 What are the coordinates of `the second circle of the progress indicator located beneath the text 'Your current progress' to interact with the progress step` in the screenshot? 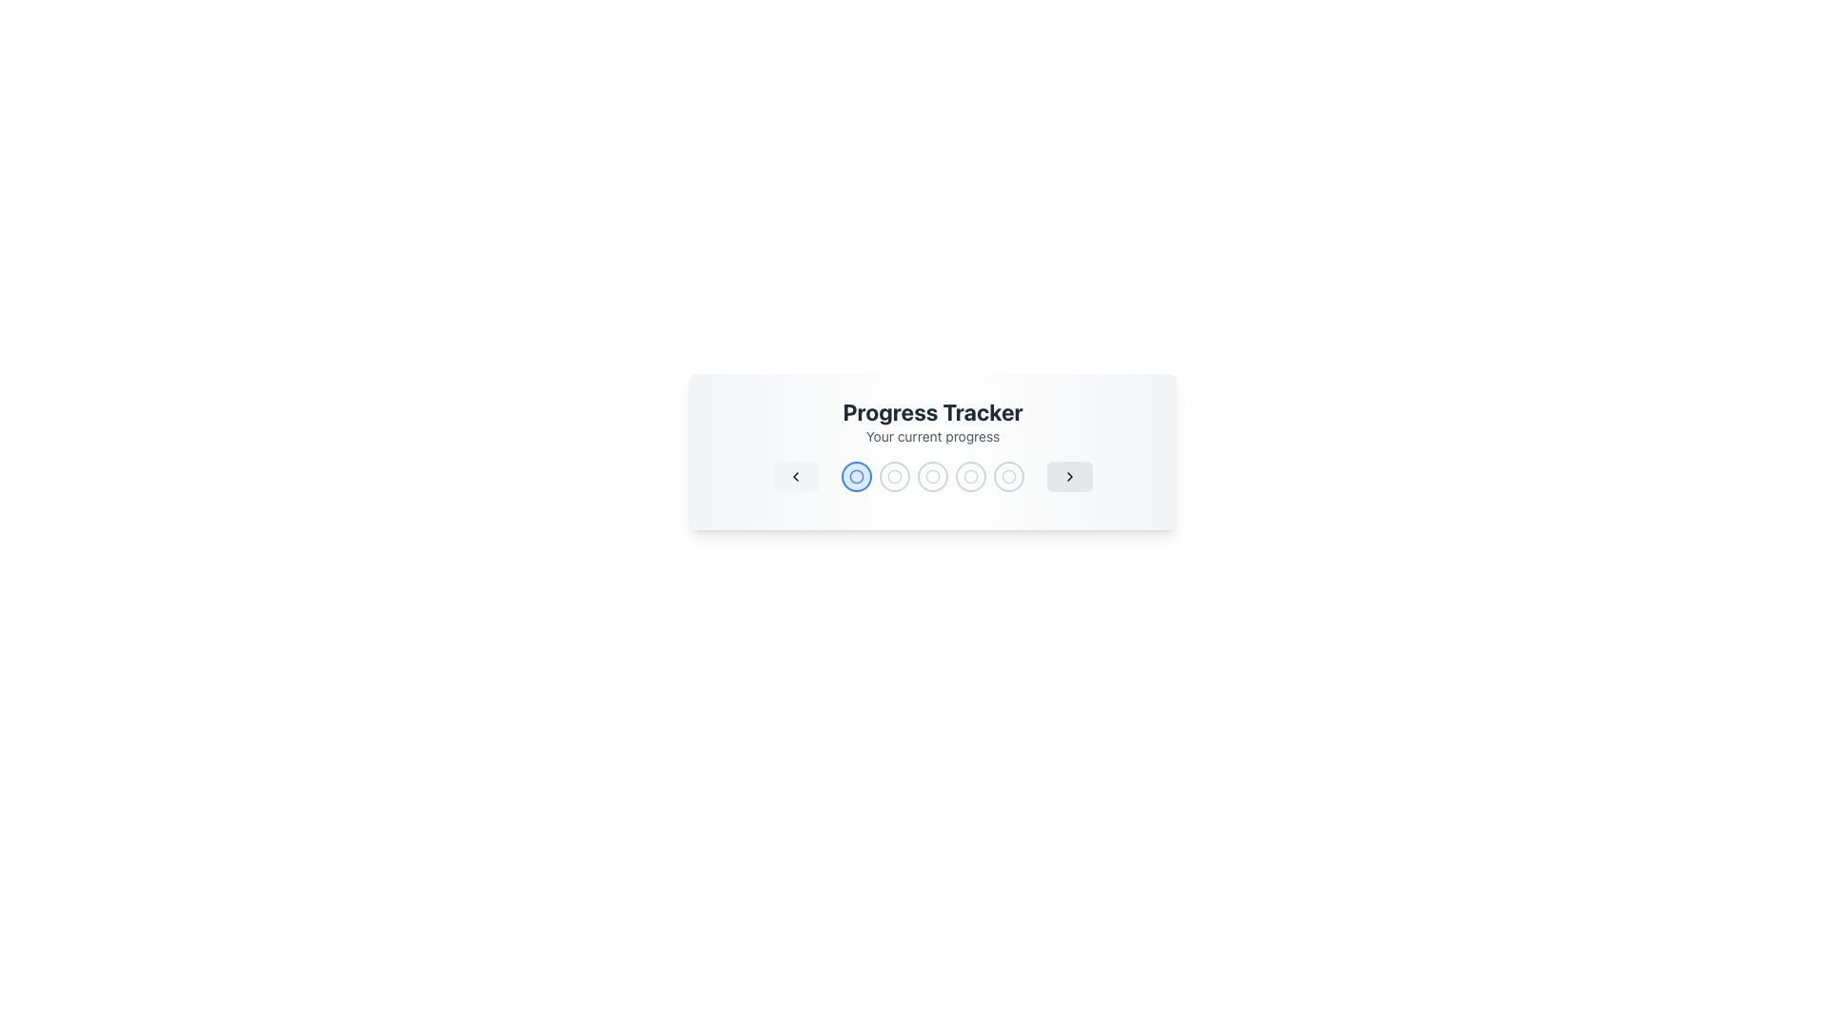 It's located at (856, 476).